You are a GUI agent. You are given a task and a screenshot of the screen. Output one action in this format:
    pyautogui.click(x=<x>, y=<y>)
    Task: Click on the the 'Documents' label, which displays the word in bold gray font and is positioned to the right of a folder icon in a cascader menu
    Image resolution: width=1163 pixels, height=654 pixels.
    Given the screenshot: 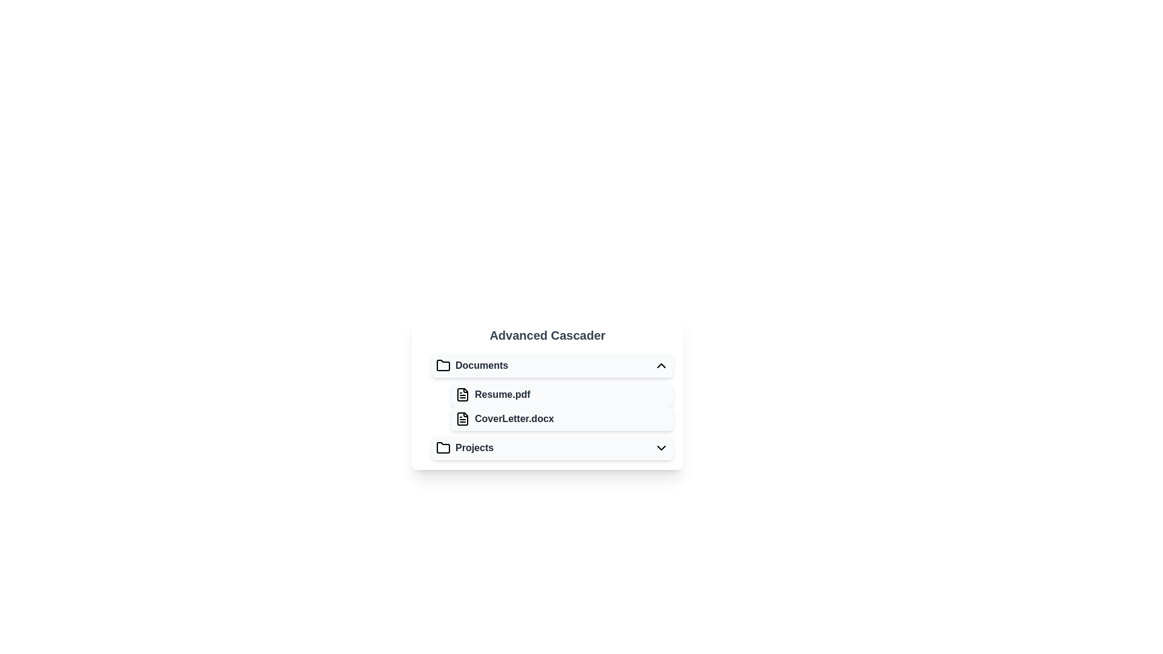 What is the action you would take?
    pyautogui.click(x=481, y=365)
    